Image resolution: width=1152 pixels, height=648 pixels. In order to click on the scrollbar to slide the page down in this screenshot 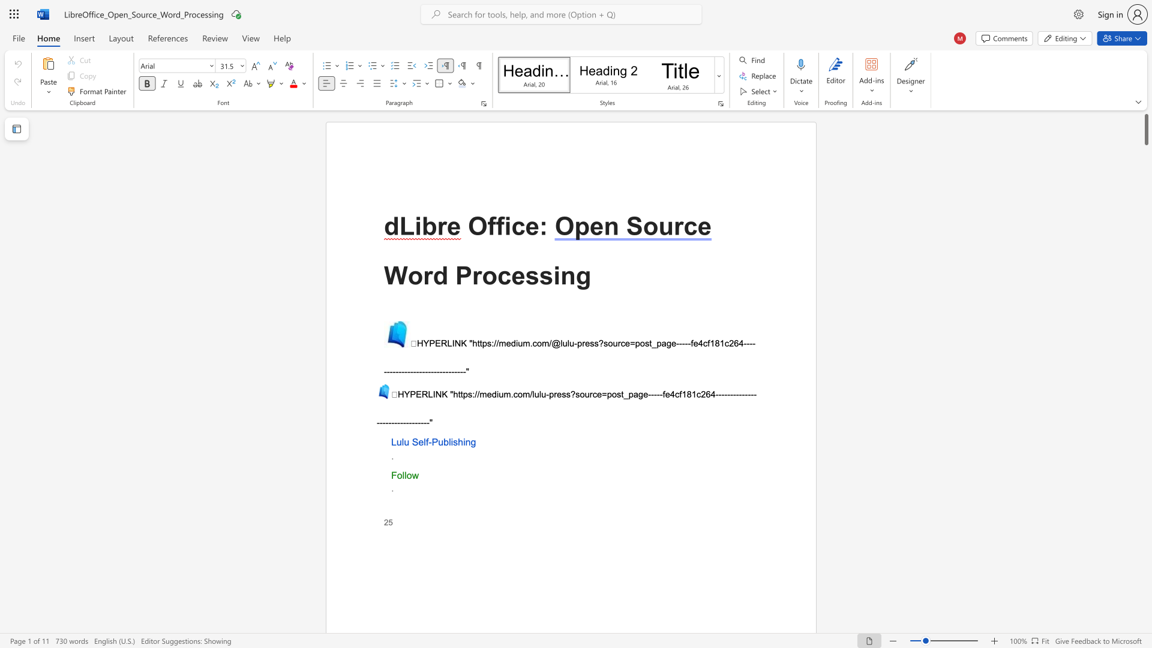, I will do `click(1145, 546)`.